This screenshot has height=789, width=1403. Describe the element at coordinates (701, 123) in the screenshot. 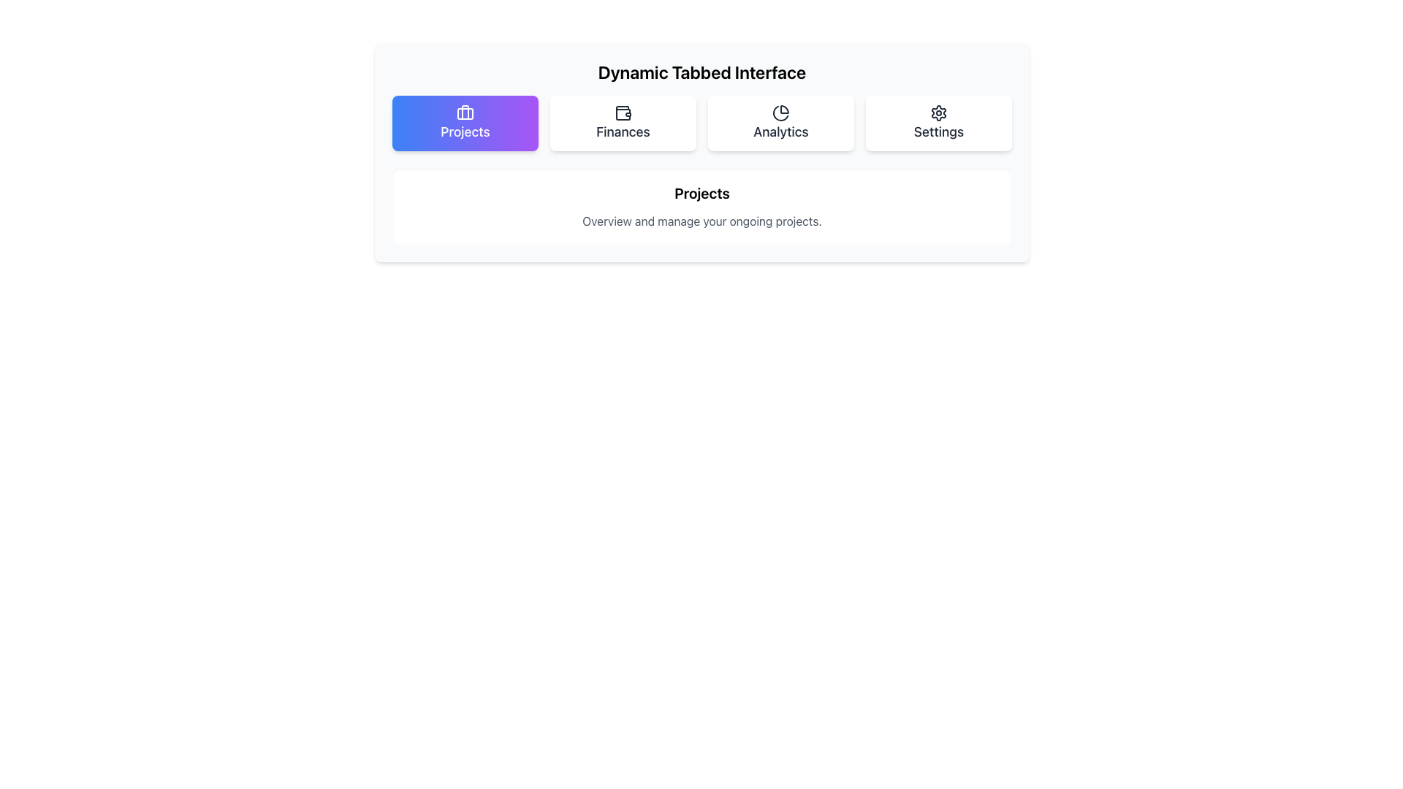

I see `the individual tabs of the Tab Navigation Bar` at that location.